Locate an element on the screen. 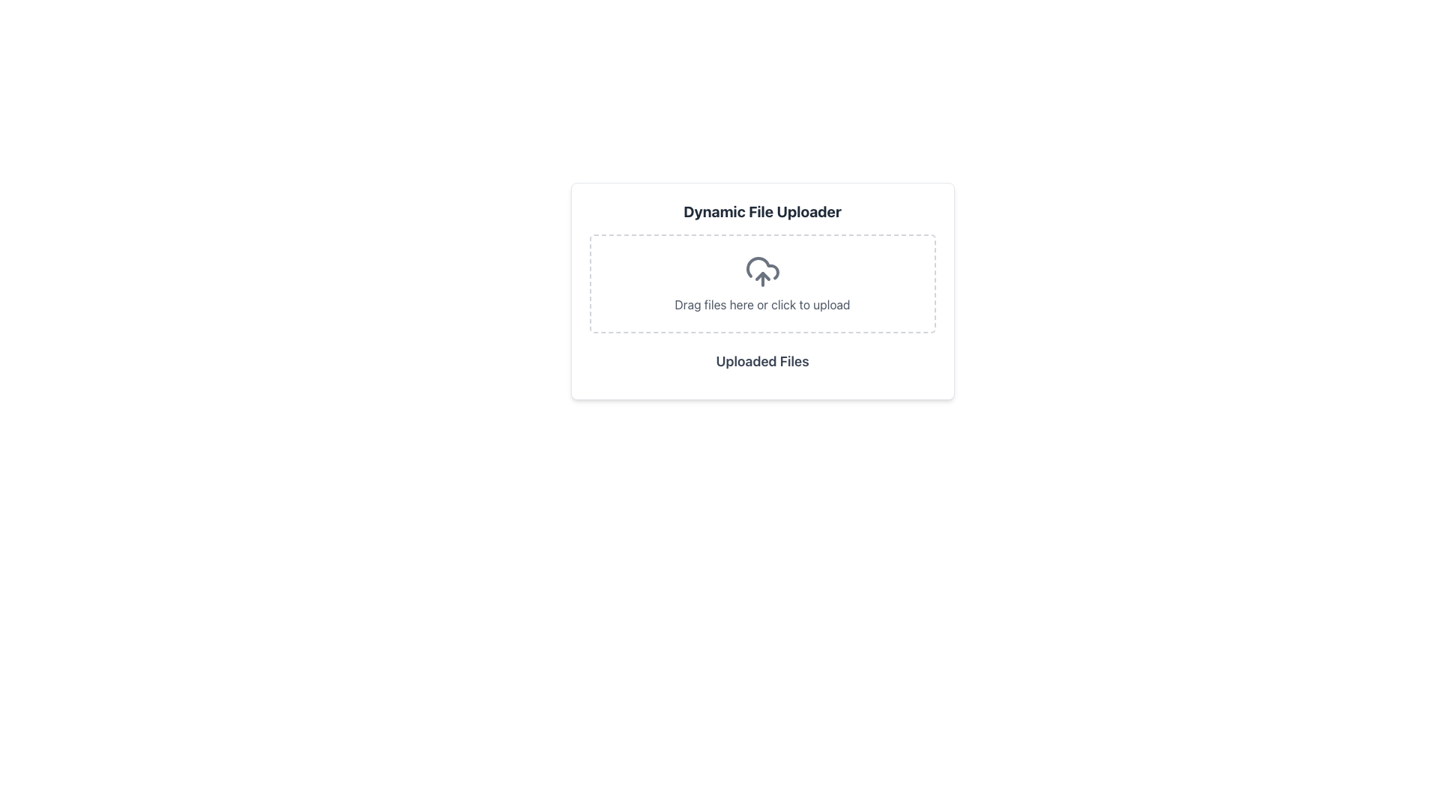 The width and height of the screenshot is (1439, 809). the vector graphic that forms the rounded part of the cloud upload icon, located in the top-center region of the upload area, above the text 'Drag files here or click to upload.' is located at coordinates (762, 267).